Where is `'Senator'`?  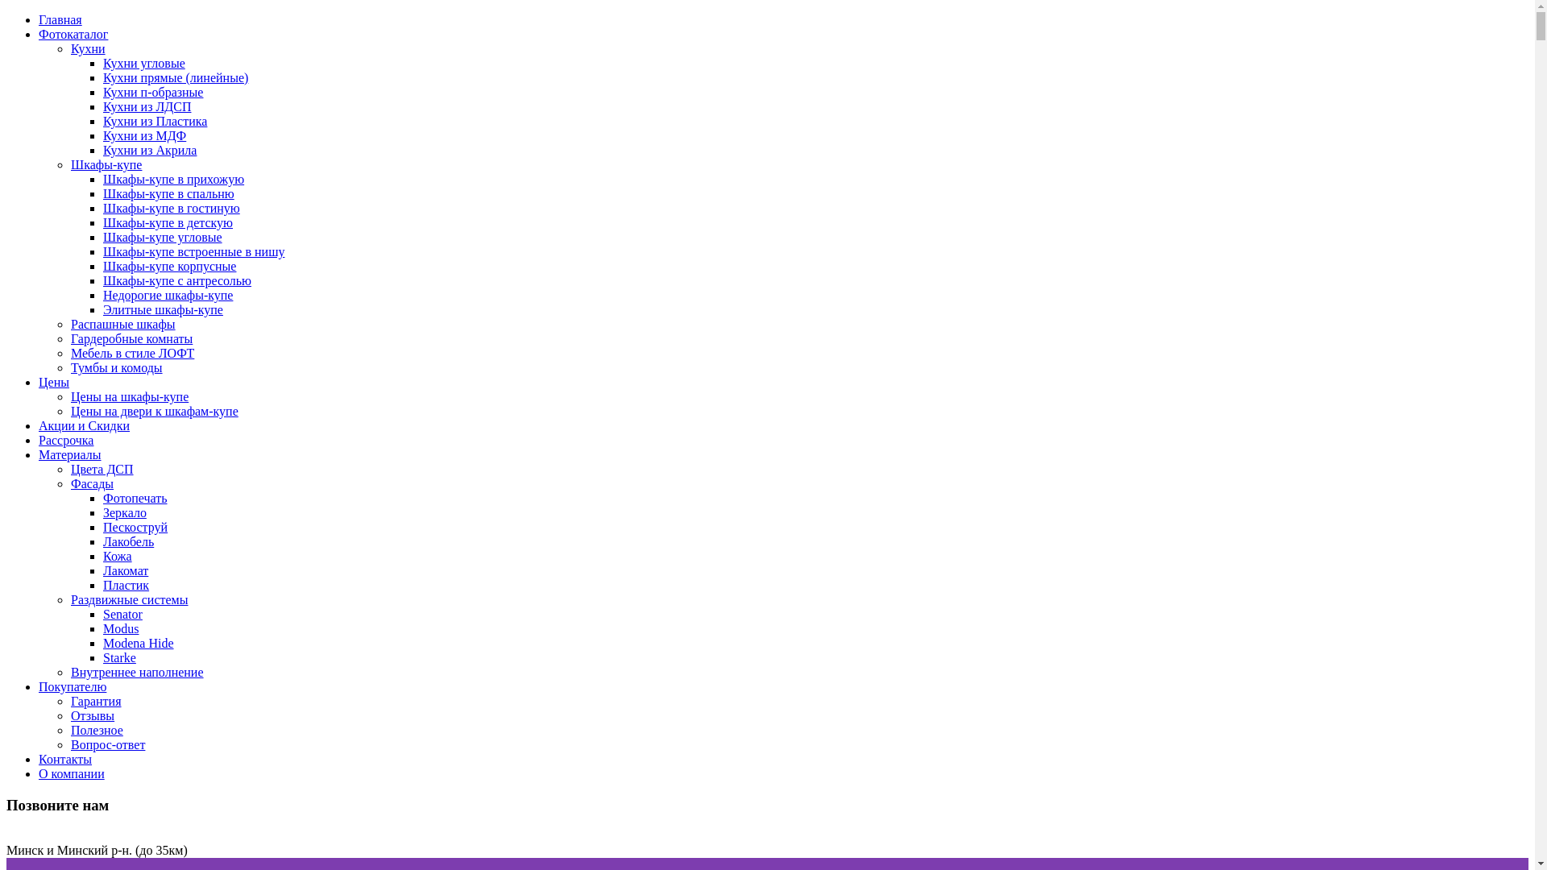
'Senator' is located at coordinates (122, 614).